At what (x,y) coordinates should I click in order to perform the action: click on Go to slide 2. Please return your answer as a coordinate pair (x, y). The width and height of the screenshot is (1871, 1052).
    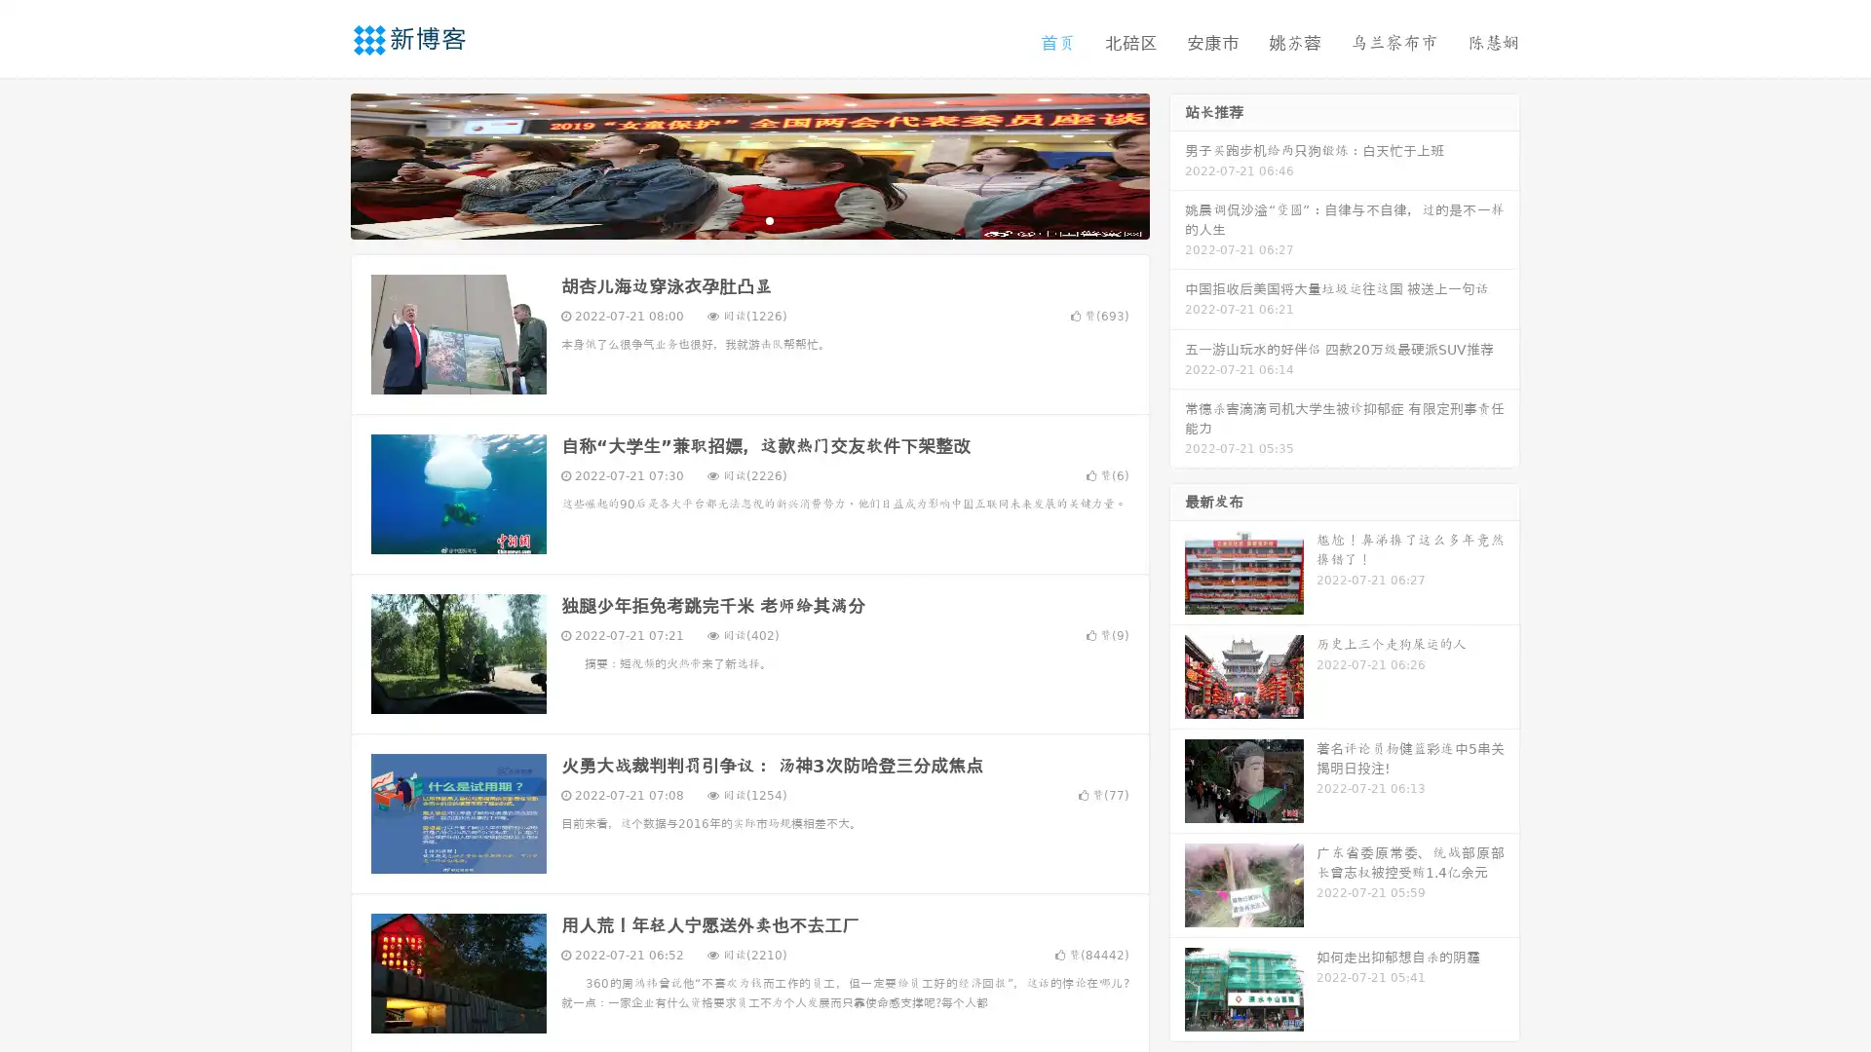
    Looking at the image, I should click on (748, 219).